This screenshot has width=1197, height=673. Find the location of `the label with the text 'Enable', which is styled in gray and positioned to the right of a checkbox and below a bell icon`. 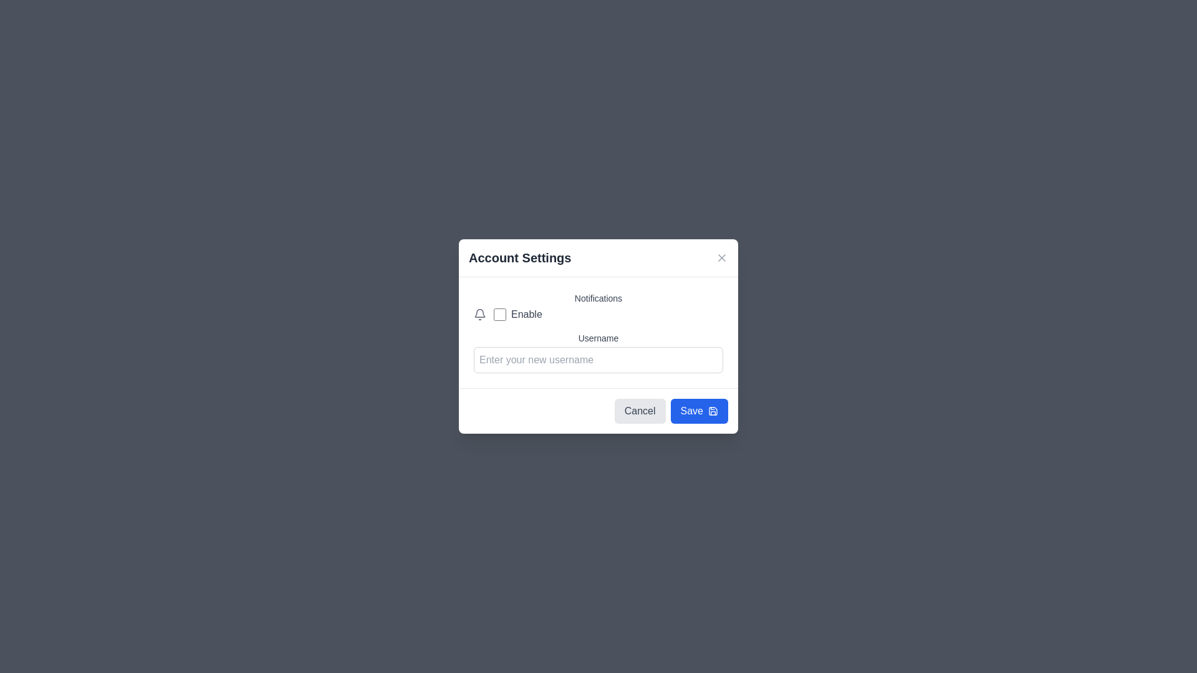

the label with the text 'Enable', which is styled in gray and positioned to the right of a checkbox and below a bell icon is located at coordinates (526, 314).